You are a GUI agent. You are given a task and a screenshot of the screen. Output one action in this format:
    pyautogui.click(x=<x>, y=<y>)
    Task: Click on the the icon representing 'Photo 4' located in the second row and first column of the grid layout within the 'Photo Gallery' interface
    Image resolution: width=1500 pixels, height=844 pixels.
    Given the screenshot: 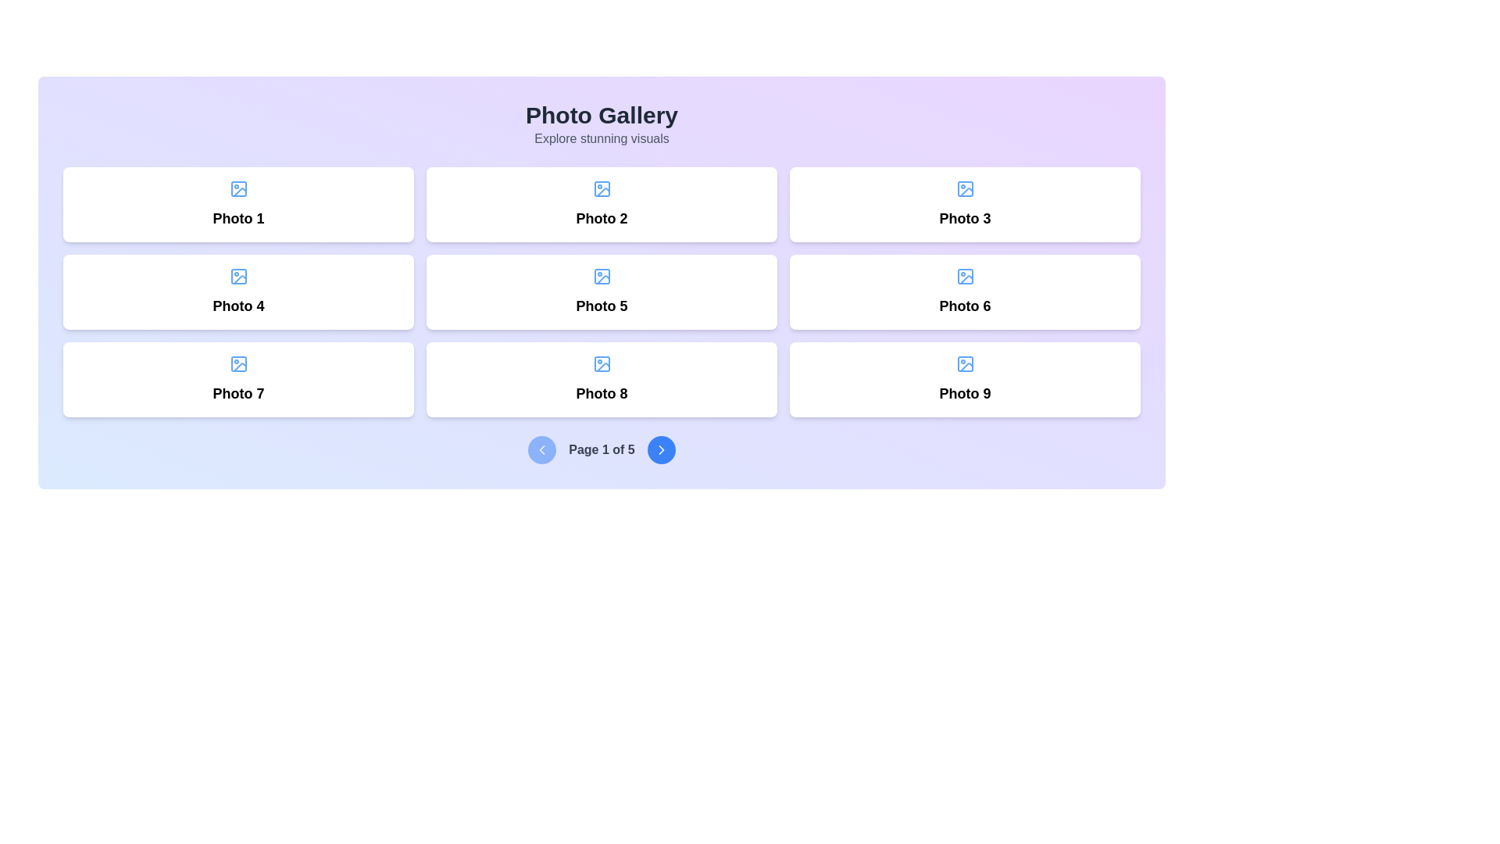 What is the action you would take?
    pyautogui.click(x=237, y=276)
    